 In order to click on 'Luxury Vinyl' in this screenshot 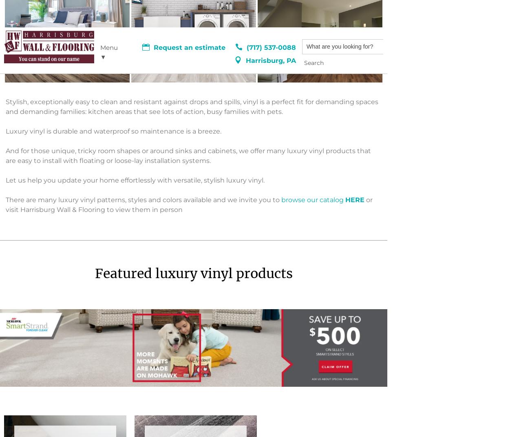, I will do `click(92, 371)`.